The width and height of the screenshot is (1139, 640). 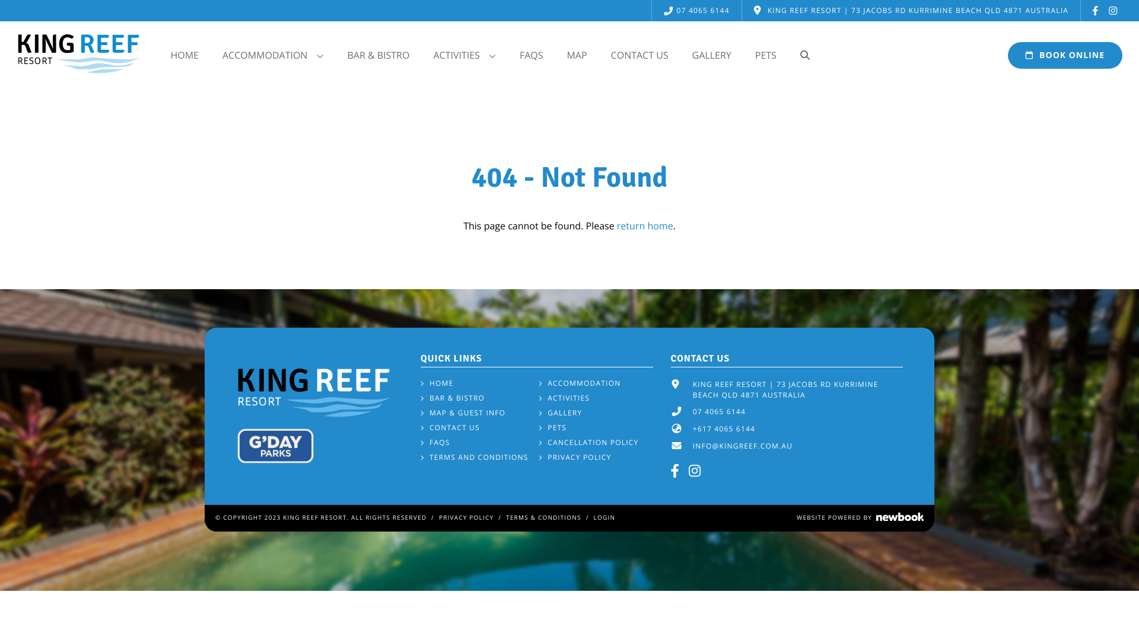 What do you see at coordinates (766, 55) in the screenshot?
I see `'PETS'` at bounding box center [766, 55].